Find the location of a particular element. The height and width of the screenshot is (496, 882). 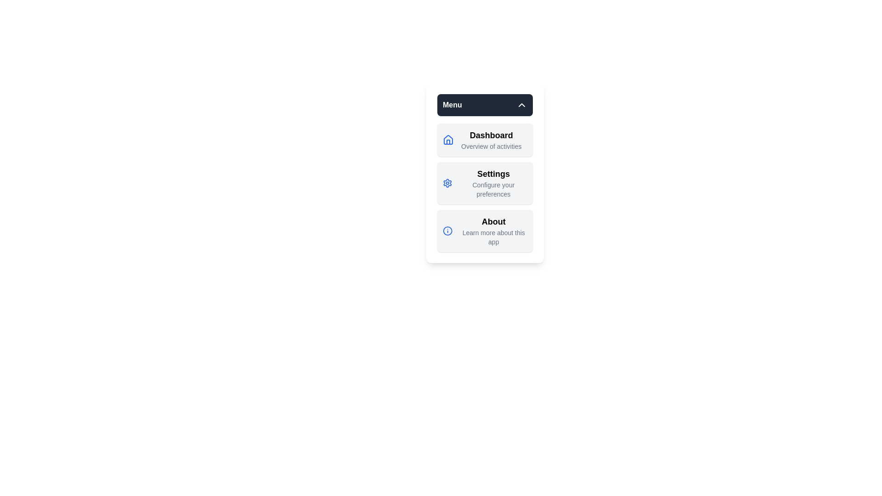

the text of the menu item About is located at coordinates (485, 230).